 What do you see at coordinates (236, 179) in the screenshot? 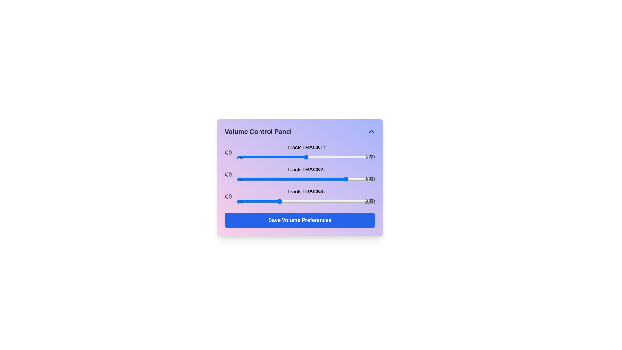
I see `the volume for Track TRACK2` at bounding box center [236, 179].